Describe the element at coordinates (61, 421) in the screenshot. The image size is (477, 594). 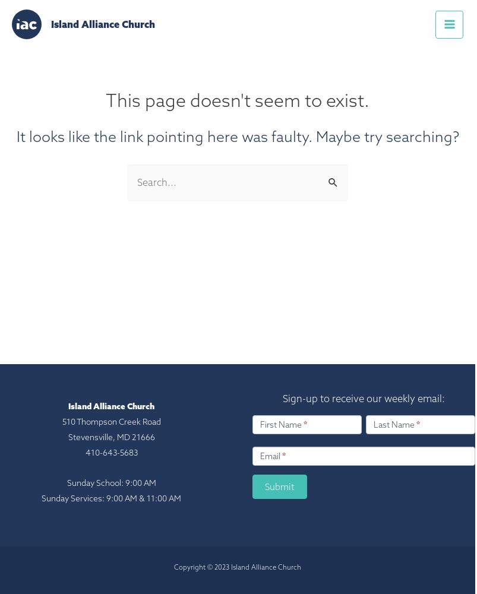
I see `'510 Thompson Creek Road'` at that location.